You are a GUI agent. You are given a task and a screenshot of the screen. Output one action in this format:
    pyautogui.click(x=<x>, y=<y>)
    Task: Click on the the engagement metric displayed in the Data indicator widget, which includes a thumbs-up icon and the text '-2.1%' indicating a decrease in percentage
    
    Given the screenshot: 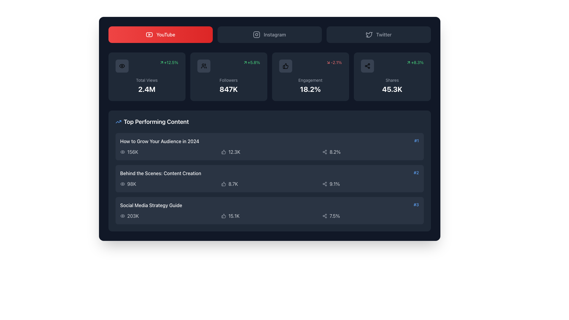 What is the action you would take?
    pyautogui.click(x=310, y=66)
    